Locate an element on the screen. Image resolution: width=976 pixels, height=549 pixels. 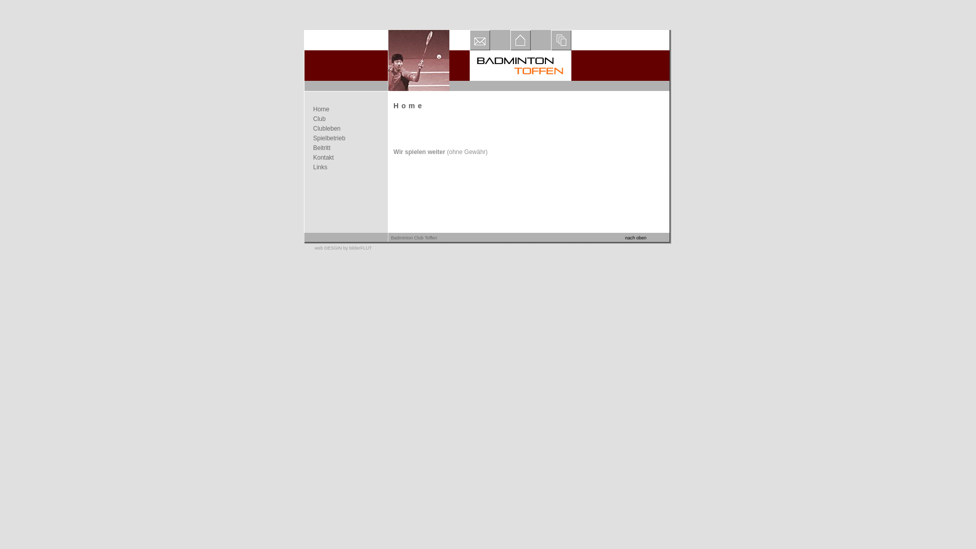
'Links' is located at coordinates (346, 166).